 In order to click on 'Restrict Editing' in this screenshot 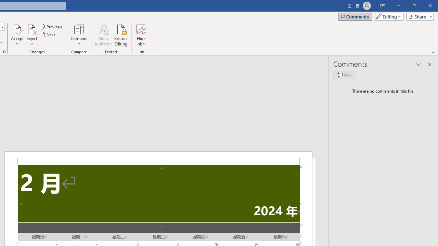, I will do `click(121, 35)`.